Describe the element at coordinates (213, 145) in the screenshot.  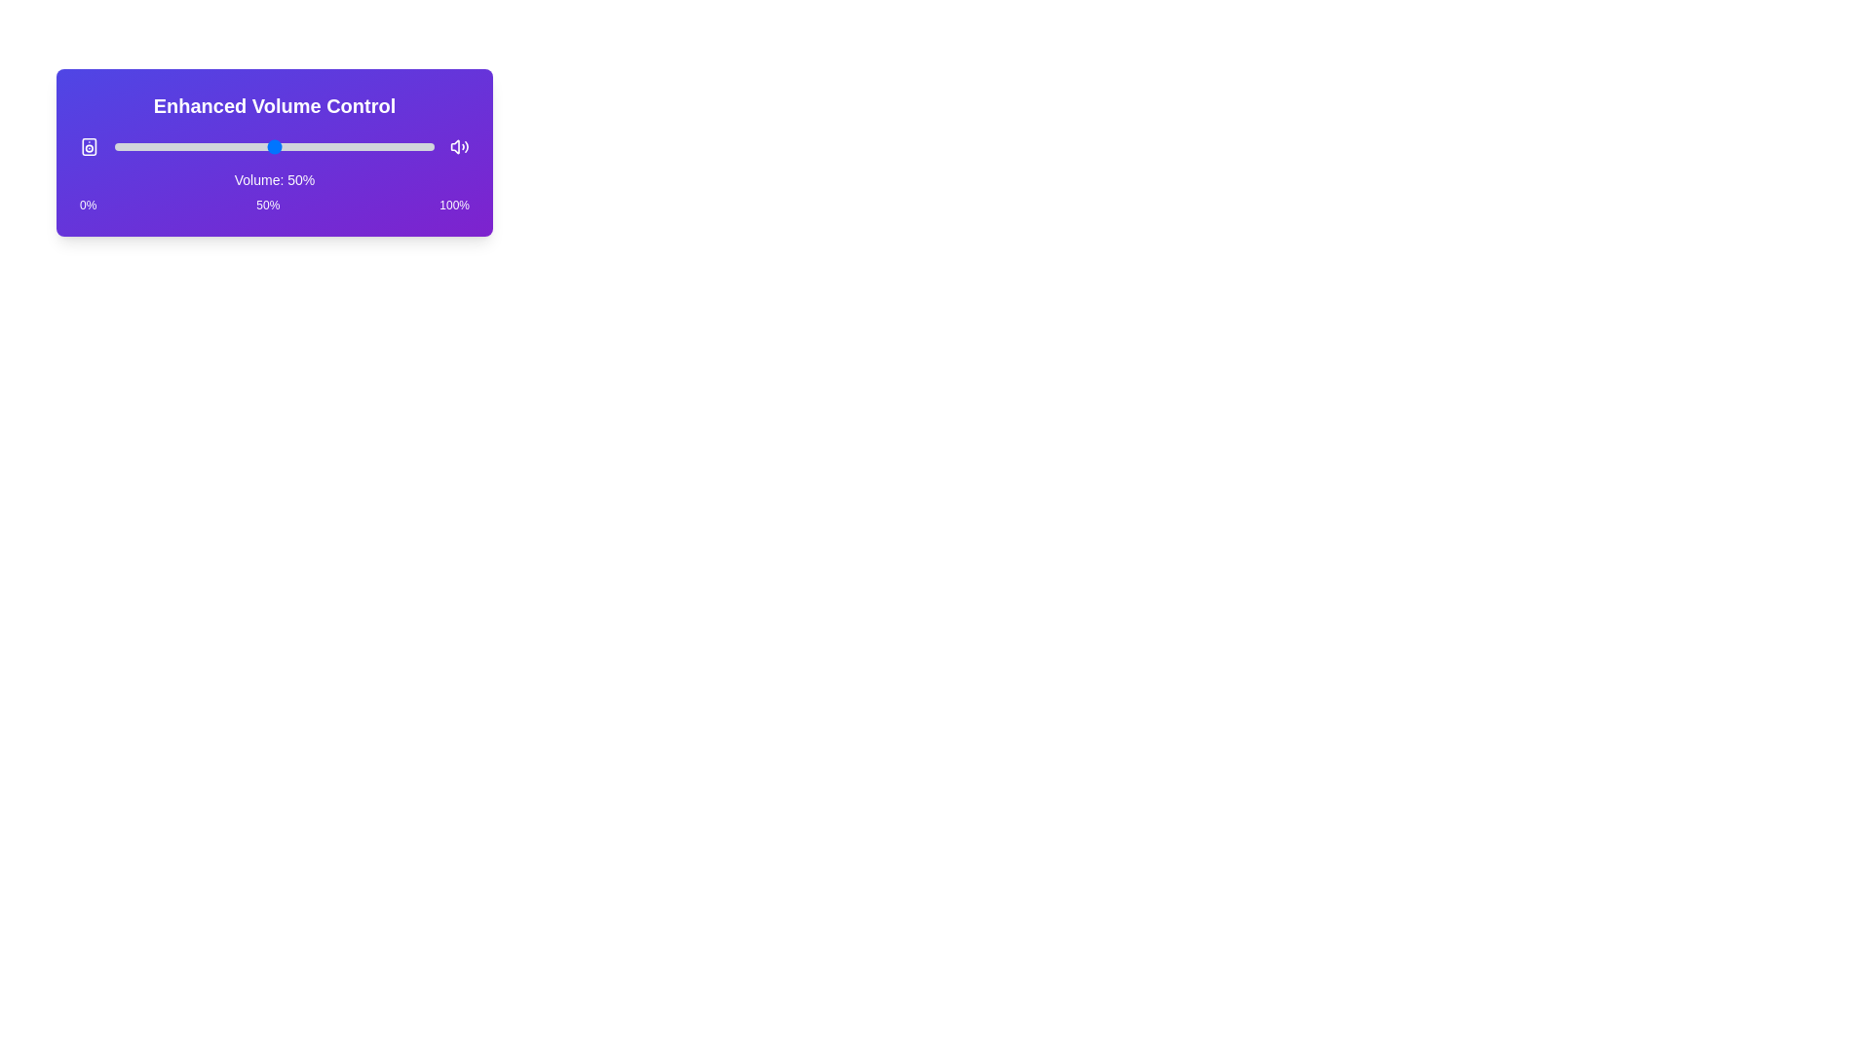
I see `the volume slider to set the volume to 31%` at that location.